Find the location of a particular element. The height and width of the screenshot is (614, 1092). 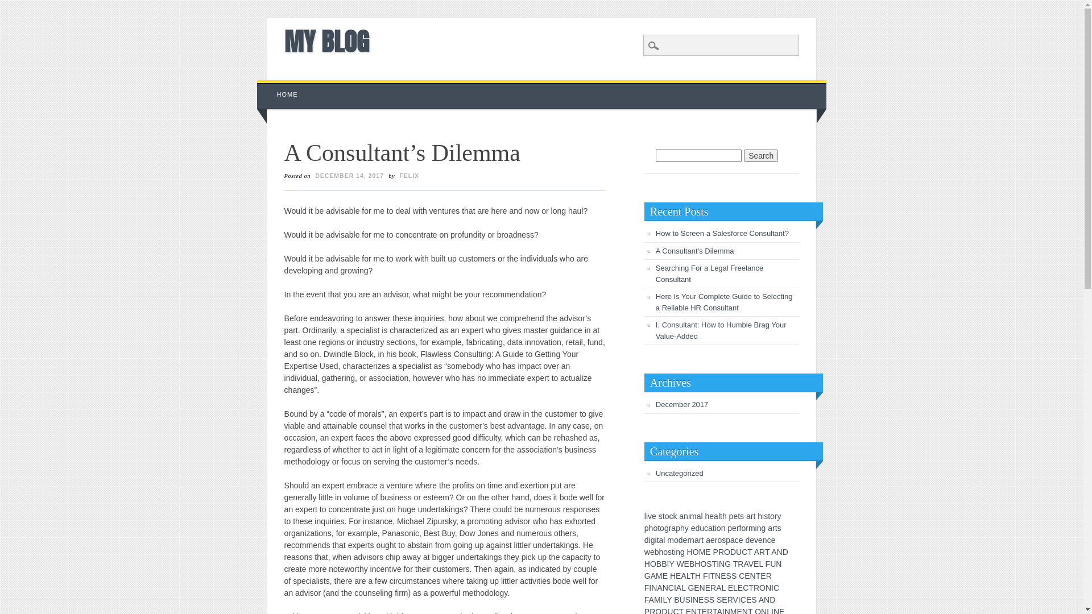

'Uncategorized' is located at coordinates (680, 473).